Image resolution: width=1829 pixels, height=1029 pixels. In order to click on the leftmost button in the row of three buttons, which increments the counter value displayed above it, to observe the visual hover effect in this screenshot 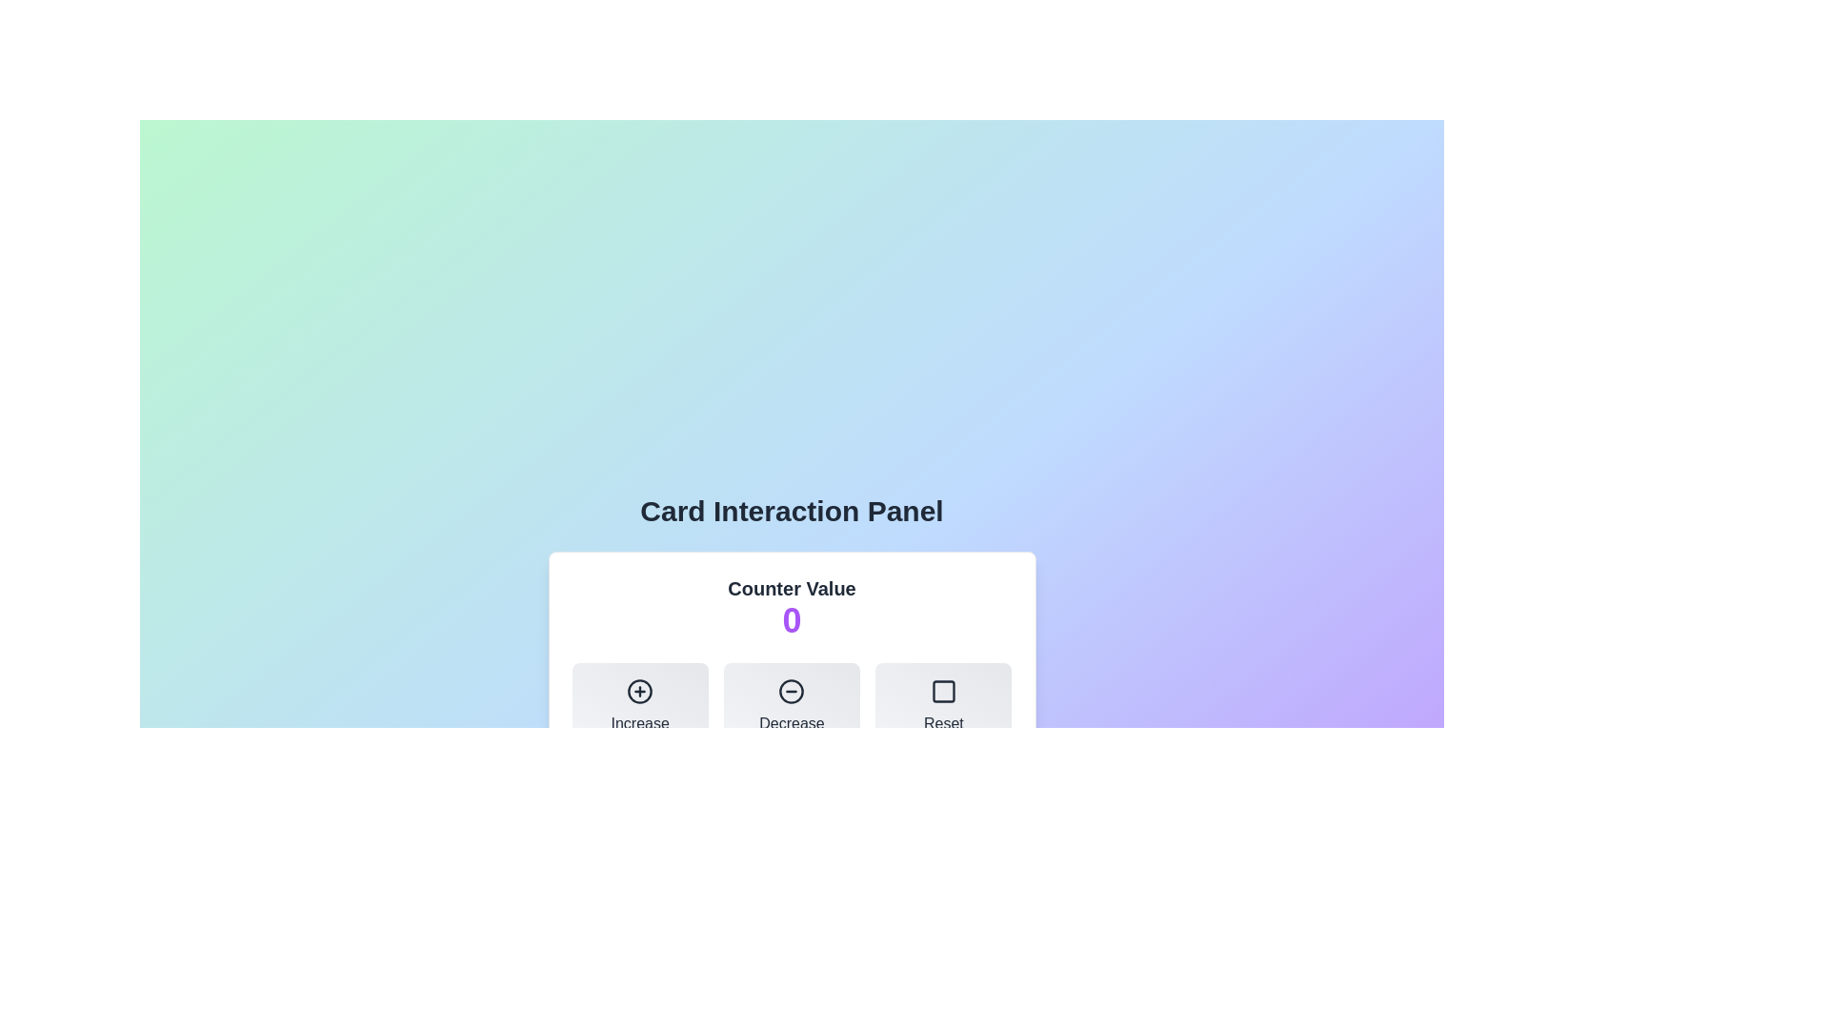, I will do `click(640, 706)`.